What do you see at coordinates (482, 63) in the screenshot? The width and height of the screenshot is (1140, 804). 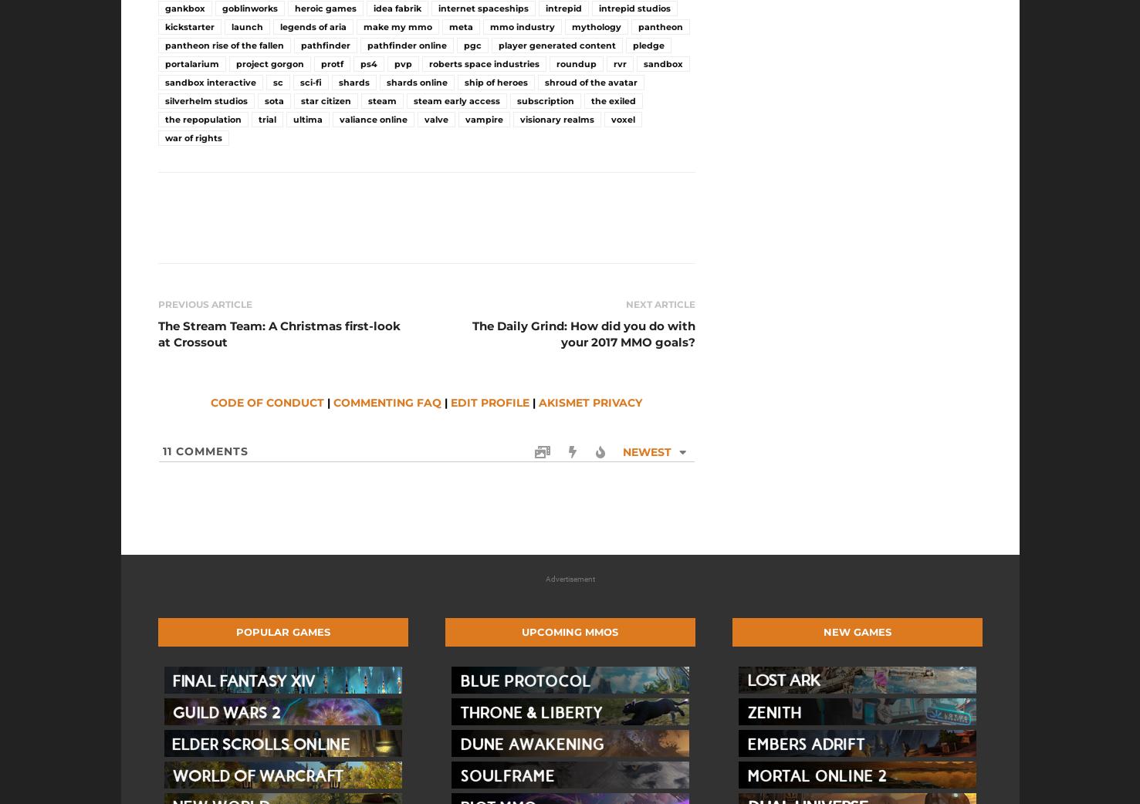 I see `'roberts space industries'` at bounding box center [482, 63].